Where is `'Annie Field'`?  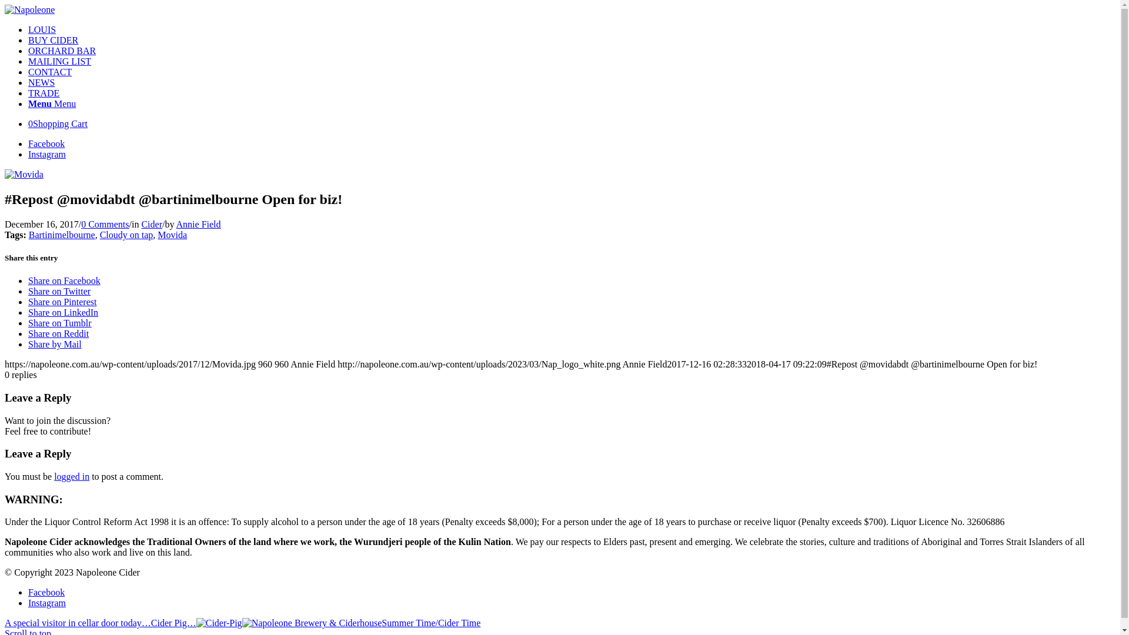
'Annie Field' is located at coordinates (198, 224).